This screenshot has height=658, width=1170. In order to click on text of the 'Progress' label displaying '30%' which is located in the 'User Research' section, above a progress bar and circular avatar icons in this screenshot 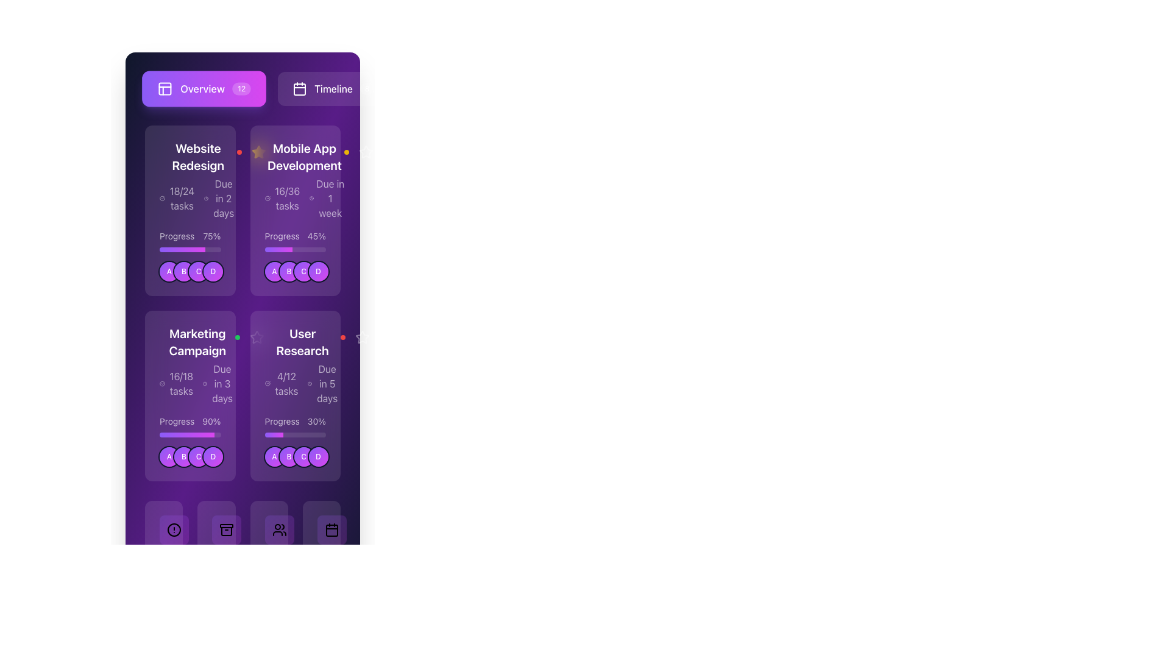, I will do `click(295, 420)`.